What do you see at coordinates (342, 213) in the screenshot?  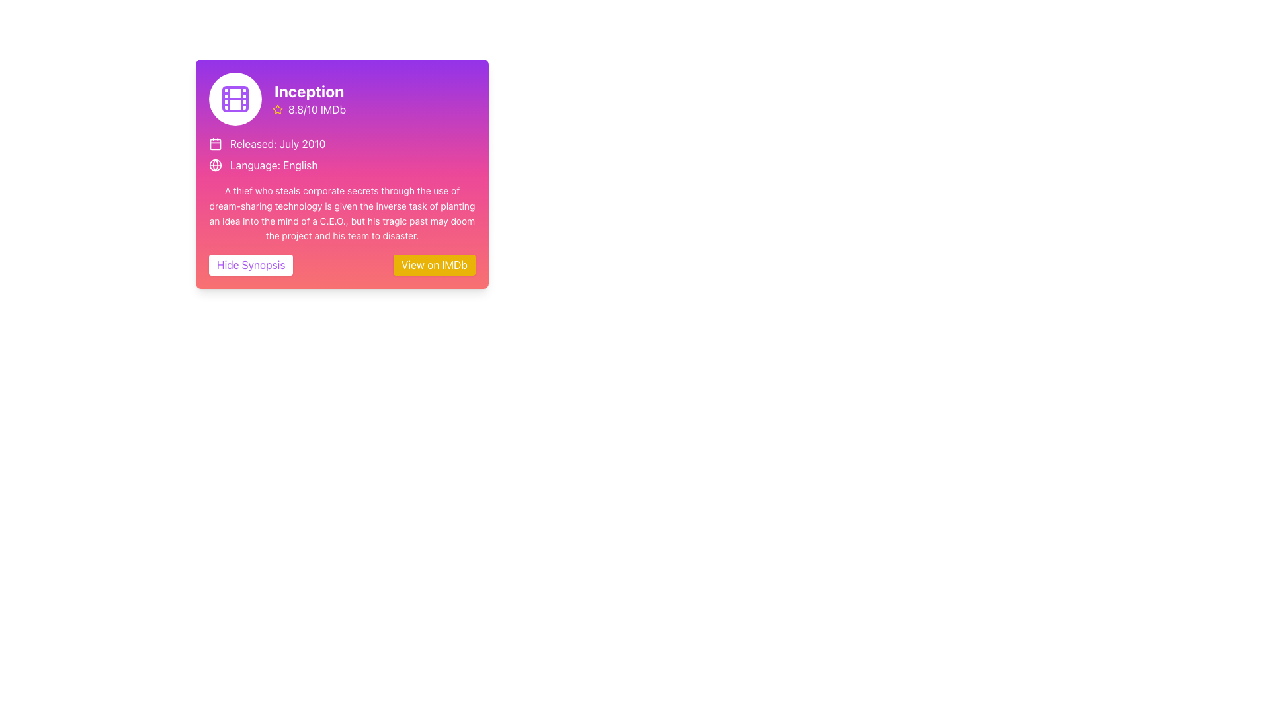 I see `the third text block in the movie details card, which describes the movie plot and is styled in a light color on a vibrant background gradient` at bounding box center [342, 213].